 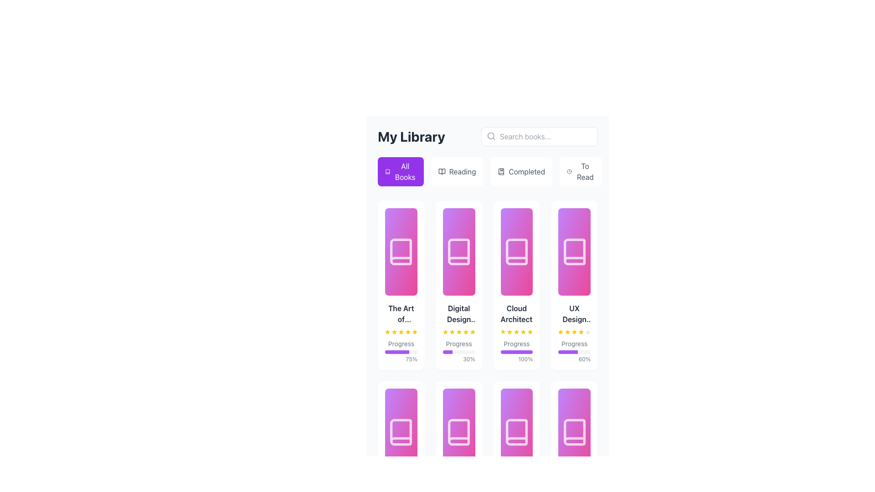 I want to click on the progress bar representing the reading progress of the 'UX Design' book, located in the fourth column of the first row in the 'My Library' section, so click(x=567, y=351).